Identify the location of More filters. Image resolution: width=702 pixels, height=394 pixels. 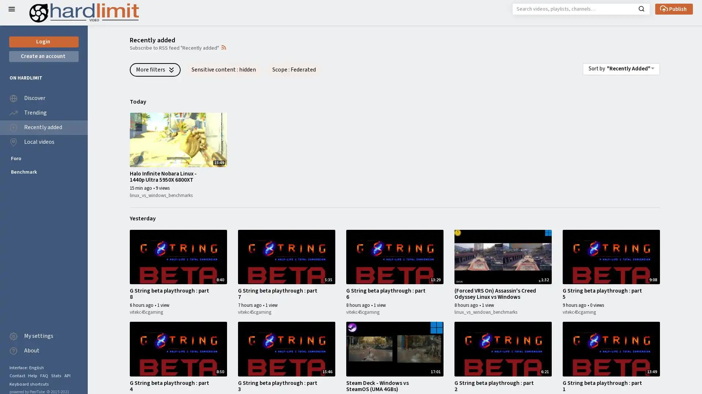
(155, 69).